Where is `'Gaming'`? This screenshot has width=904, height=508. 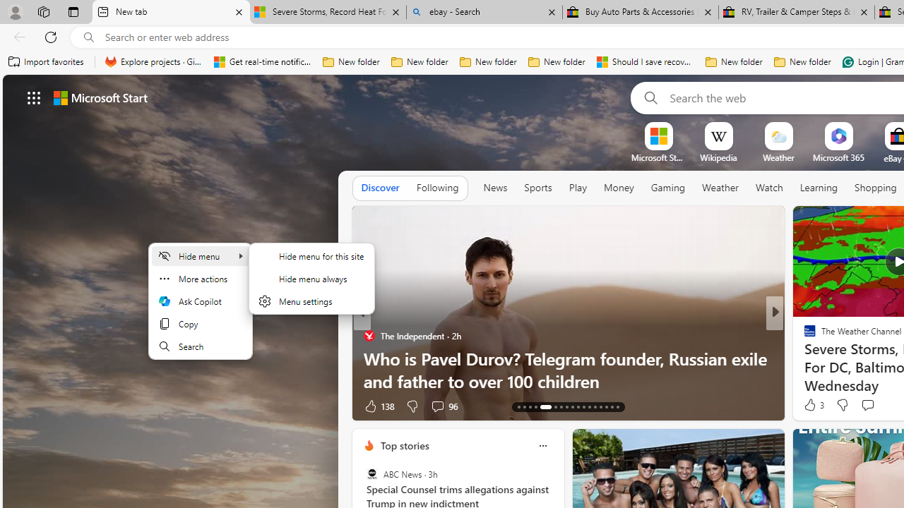 'Gaming' is located at coordinates (667, 188).